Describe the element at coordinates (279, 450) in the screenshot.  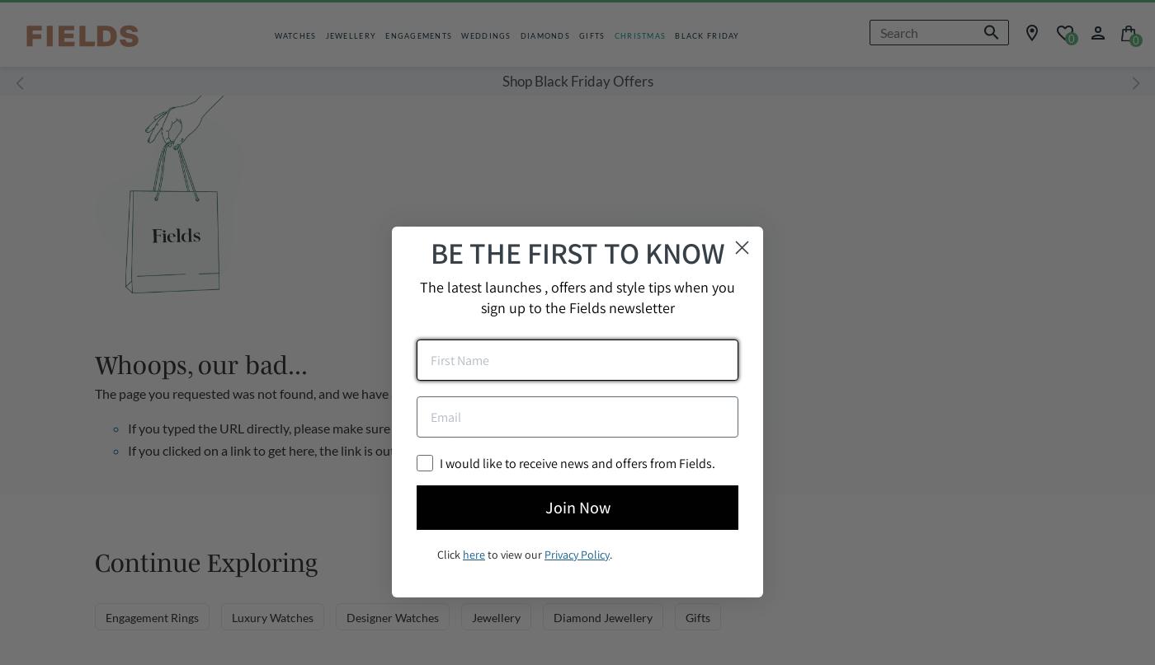
I see `'If you clicked on a link to get here, the link is outdated.'` at that location.